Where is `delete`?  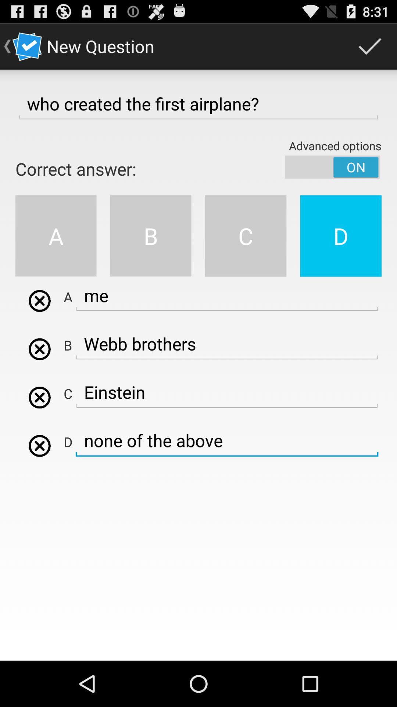
delete is located at coordinates (39, 349).